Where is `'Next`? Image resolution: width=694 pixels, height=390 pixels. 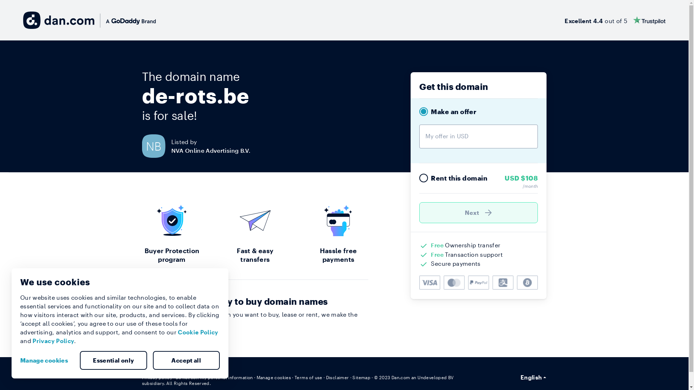 'Next is located at coordinates (479, 212).